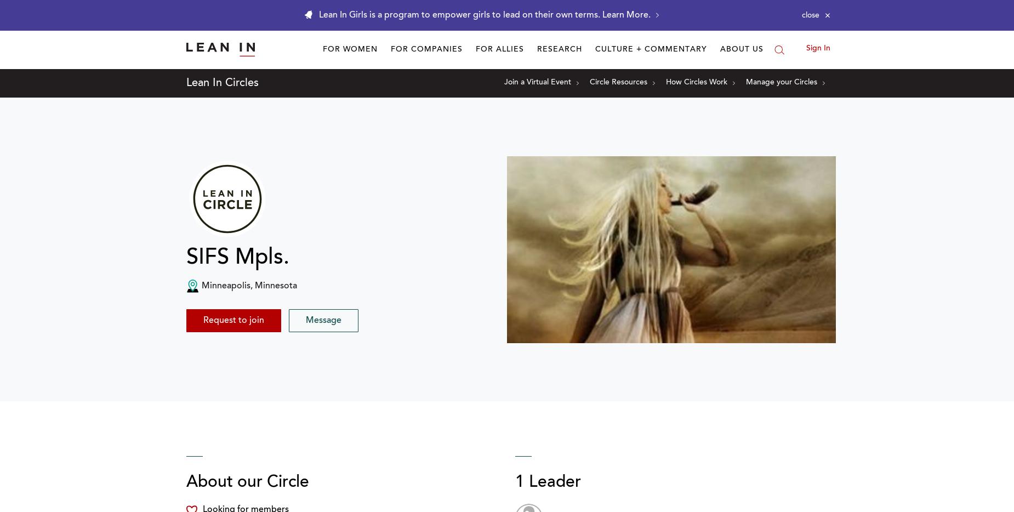 The image size is (1014, 512). Describe the element at coordinates (651, 49) in the screenshot. I see `'Culture + Commentary'` at that location.